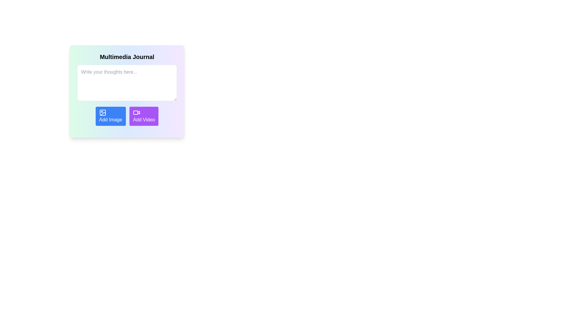  Describe the element at coordinates (103, 113) in the screenshot. I see `the SVG-based graphical icon resembling an image, which is centered within the blue 'Add Image' button located on the left under the text input box labeled 'Write your thoughts here...'` at that location.